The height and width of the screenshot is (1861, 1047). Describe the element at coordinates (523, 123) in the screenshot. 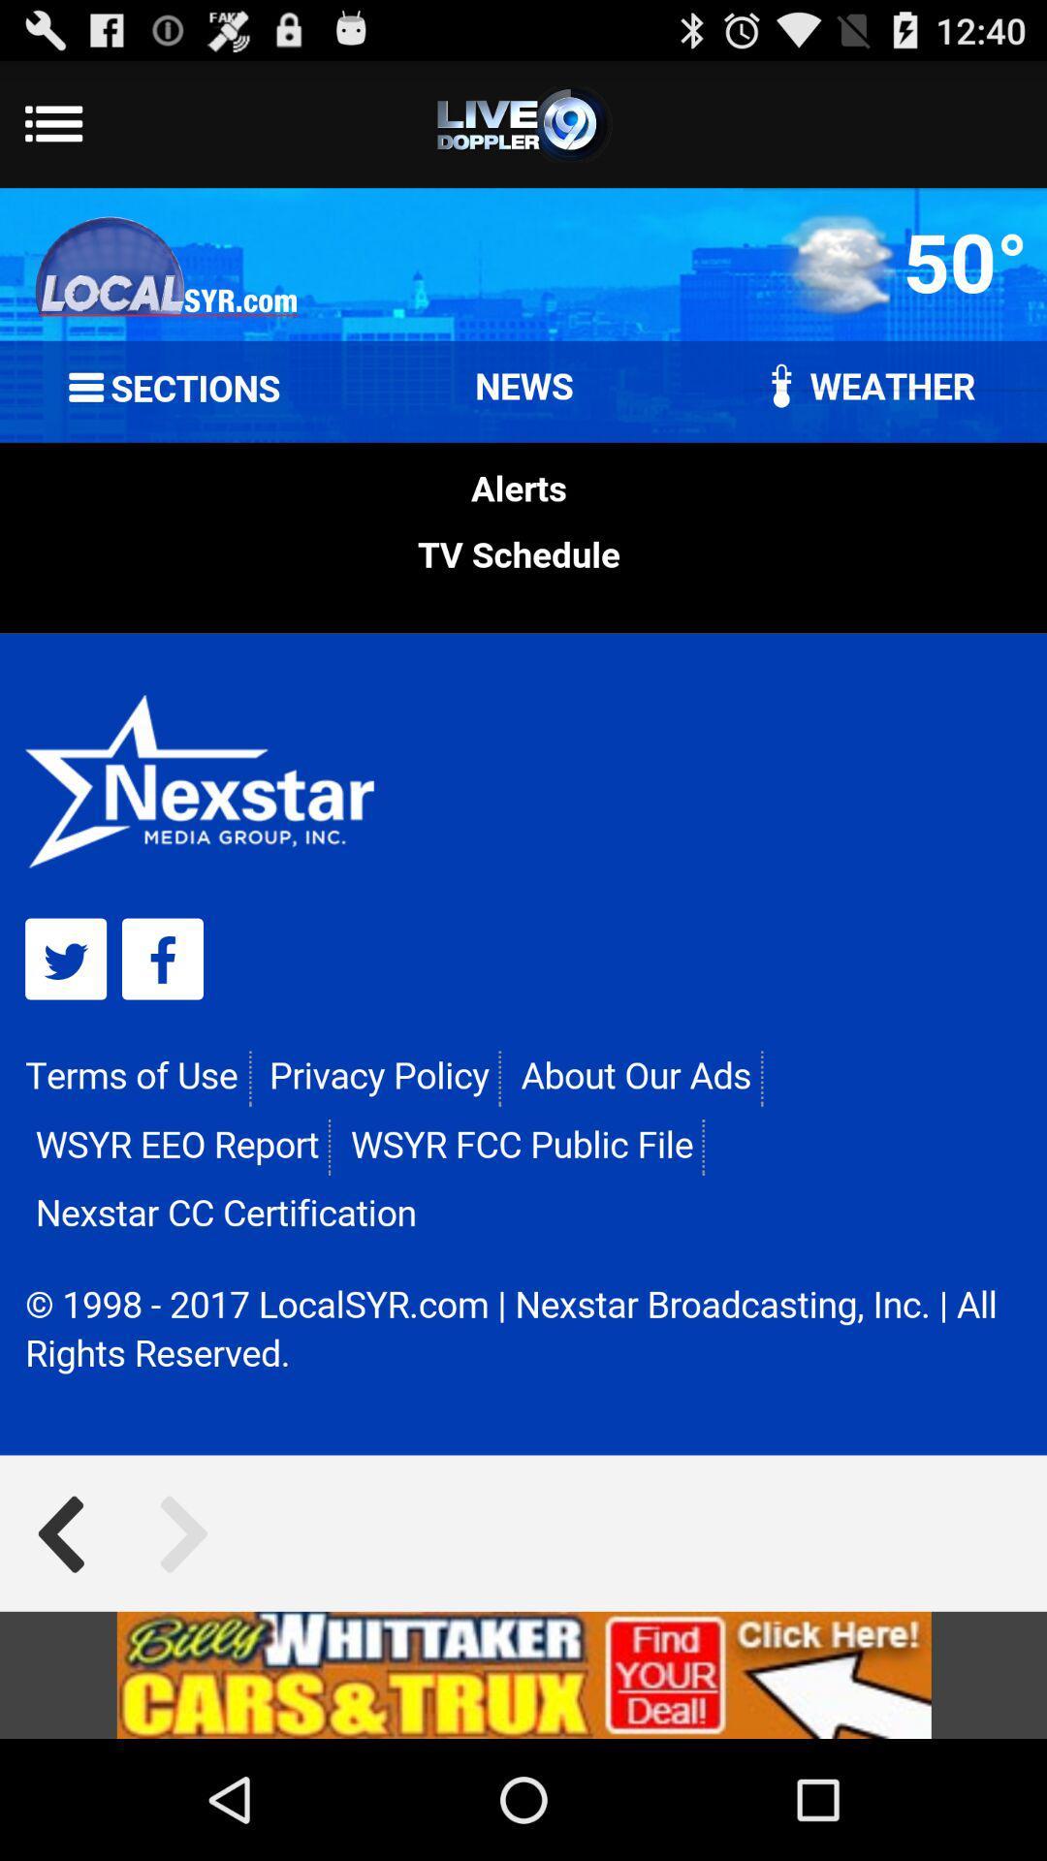

I see `menu option` at that location.